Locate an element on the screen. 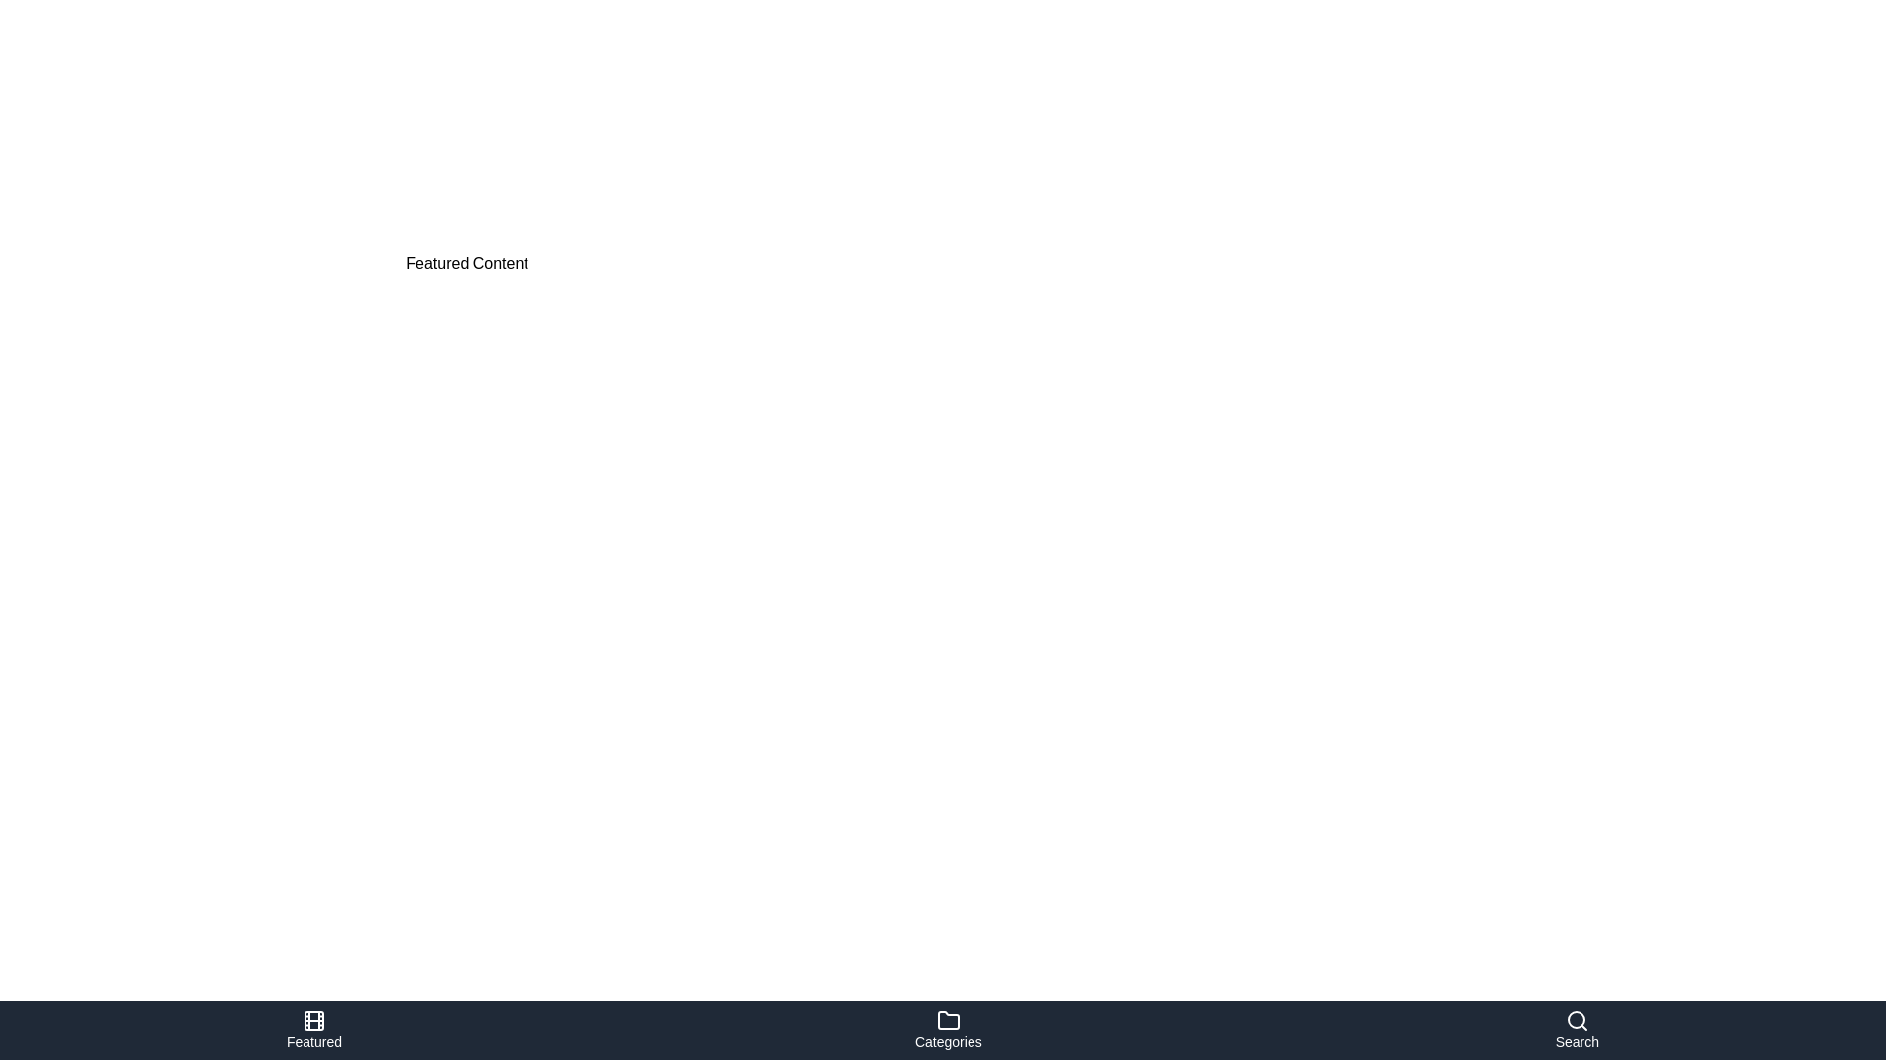  the 'Categories' button with a folder icon located in the center of the bottom navigation bar is located at coordinates (948, 1029).